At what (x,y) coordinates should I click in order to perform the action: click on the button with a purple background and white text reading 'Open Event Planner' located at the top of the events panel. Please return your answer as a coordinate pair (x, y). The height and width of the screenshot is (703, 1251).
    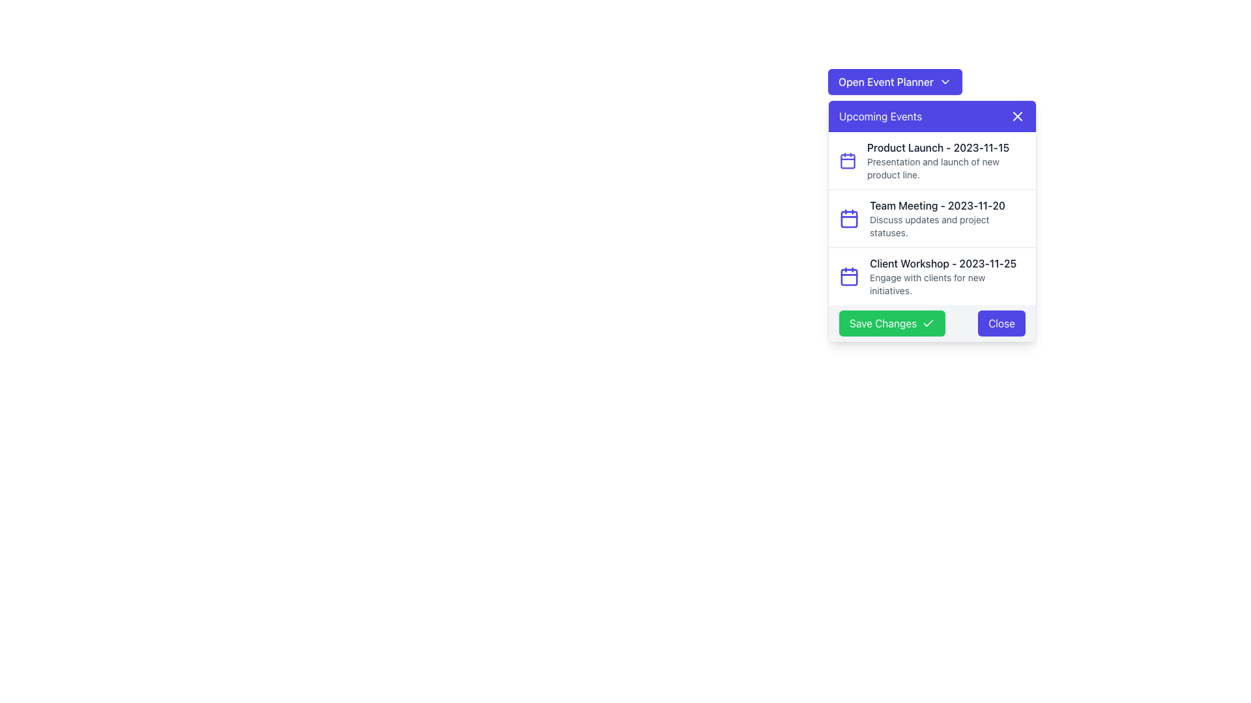
    Looking at the image, I should click on (894, 82).